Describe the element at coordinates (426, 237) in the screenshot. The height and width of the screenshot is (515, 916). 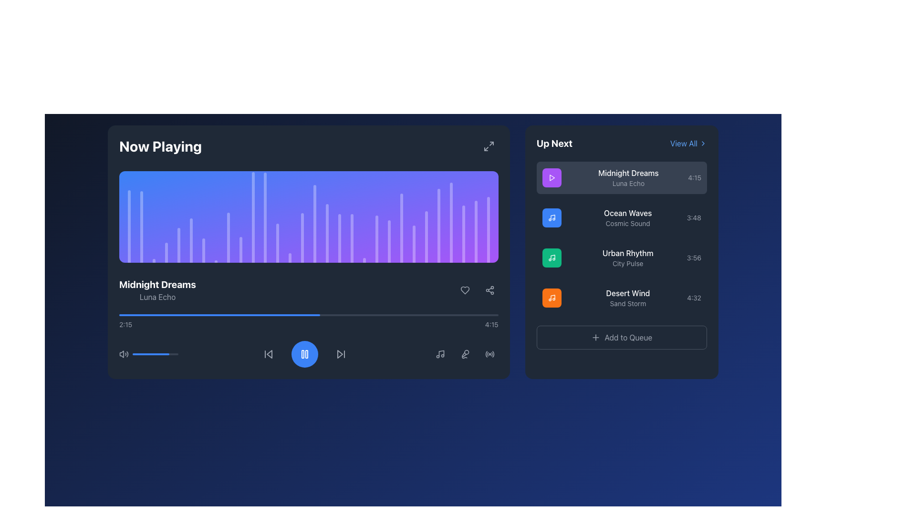
I see `the visual changes of the 24th vertical bar in the audio spectrum visualization during playback` at that location.